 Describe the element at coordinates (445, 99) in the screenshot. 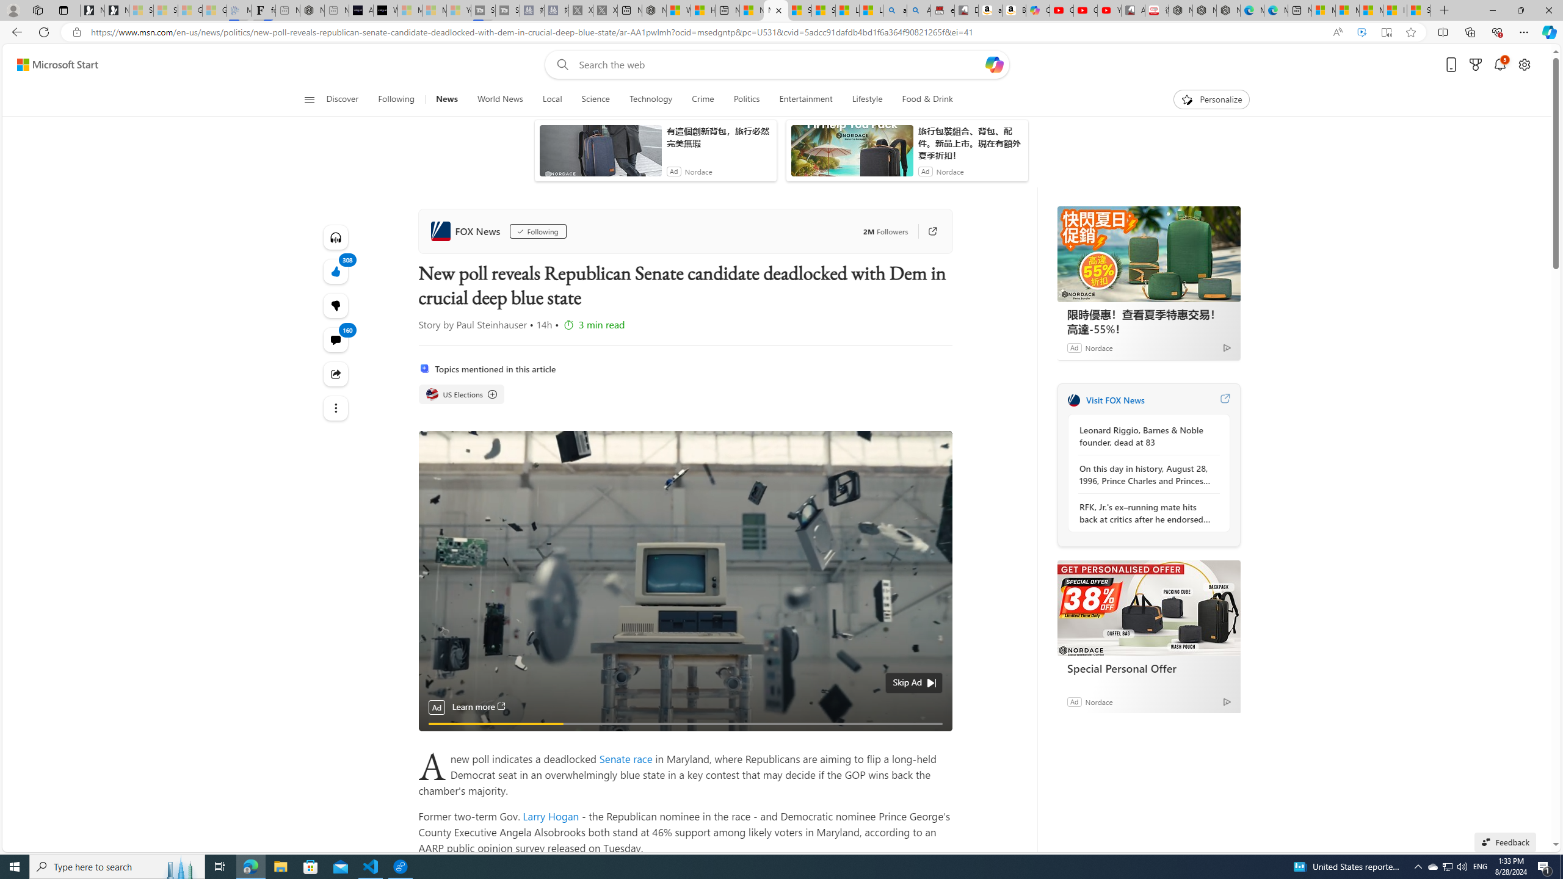

I see `'News'` at that location.